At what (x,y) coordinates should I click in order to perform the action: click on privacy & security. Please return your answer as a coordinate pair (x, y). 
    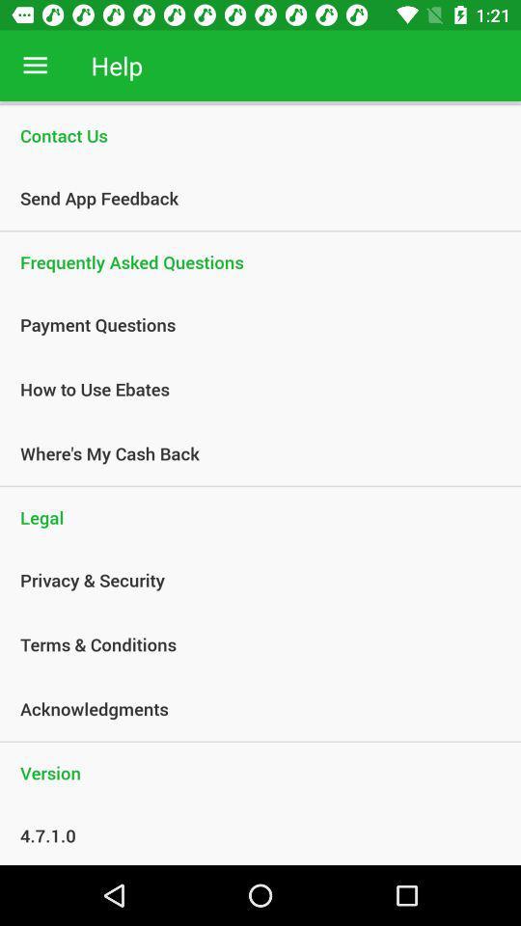
    Looking at the image, I should click on (250, 579).